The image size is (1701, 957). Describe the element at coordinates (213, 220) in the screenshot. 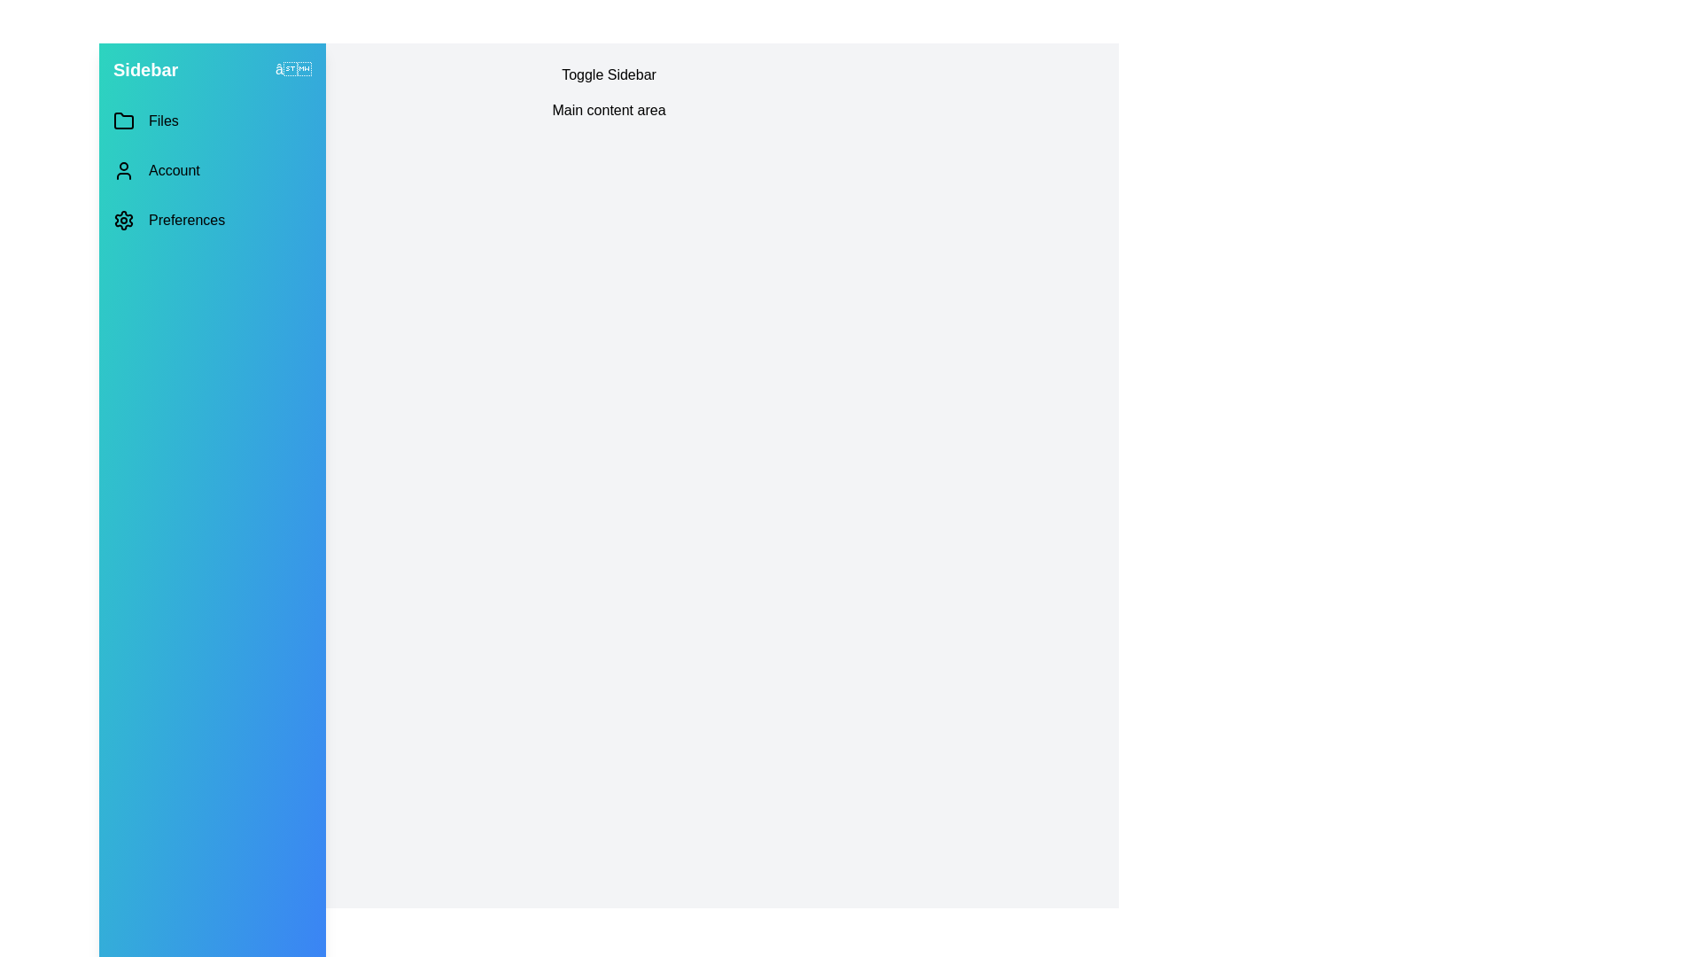

I see `the 'Preferences' section in the sidebar` at that location.